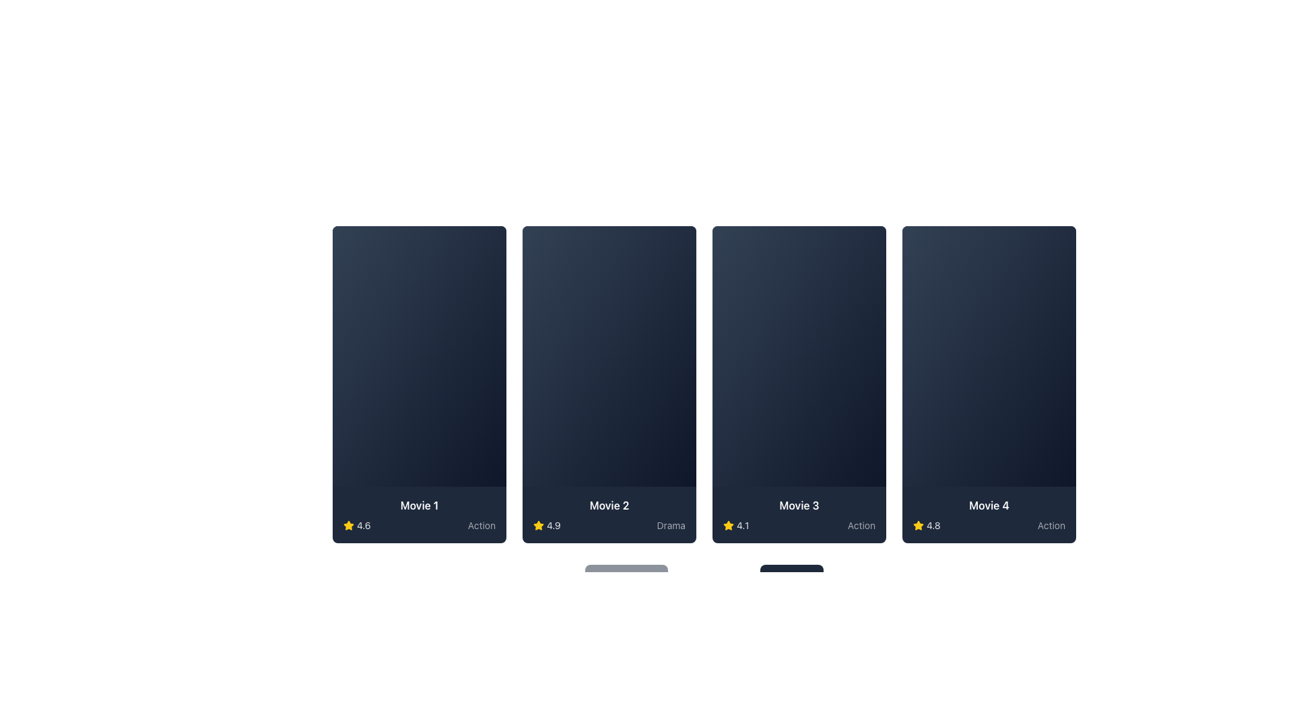 This screenshot has width=1293, height=727. Describe the element at coordinates (626, 578) in the screenshot. I see `the pagination button located at the bottom left of the 'Page 1 of 10' label to trigger a visual change` at that location.